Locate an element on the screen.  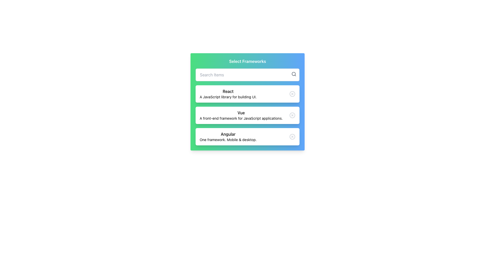
the SVG circle element that forms the base of the 'X' icon located to the right of the 'React' framework entry is located at coordinates (292, 94).